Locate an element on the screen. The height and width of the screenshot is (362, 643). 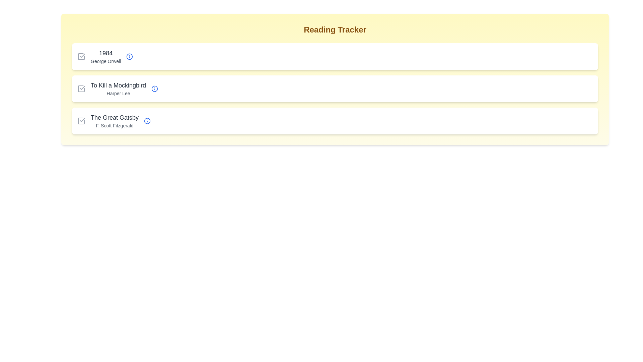
information button for the book titled 'The Great Gatsby' is located at coordinates (147, 121).